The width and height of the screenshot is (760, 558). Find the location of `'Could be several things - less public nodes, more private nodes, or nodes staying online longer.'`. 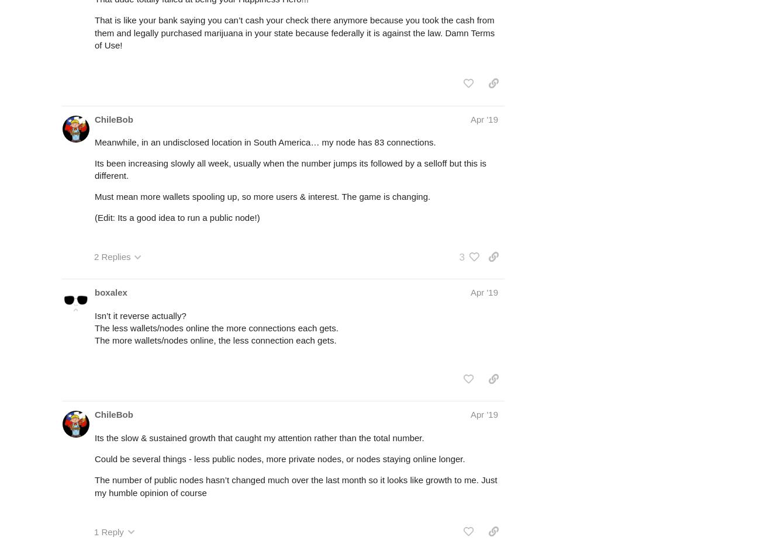

'Could be several things - less public nodes, more private nodes, or nodes staying online longer.' is located at coordinates (94, 458).